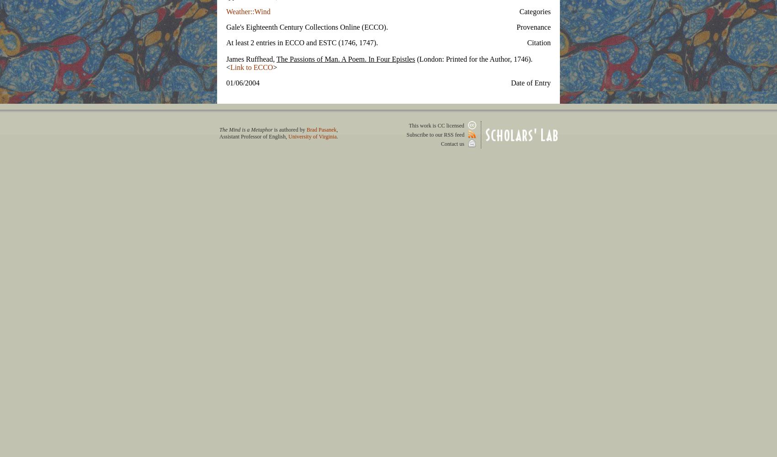  Describe the element at coordinates (321, 129) in the screenshot. I see `'Brad Pasanek'` at that location.